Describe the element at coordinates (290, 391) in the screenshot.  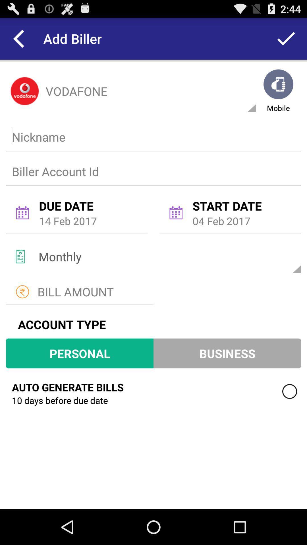
I see `the check box` at that location.